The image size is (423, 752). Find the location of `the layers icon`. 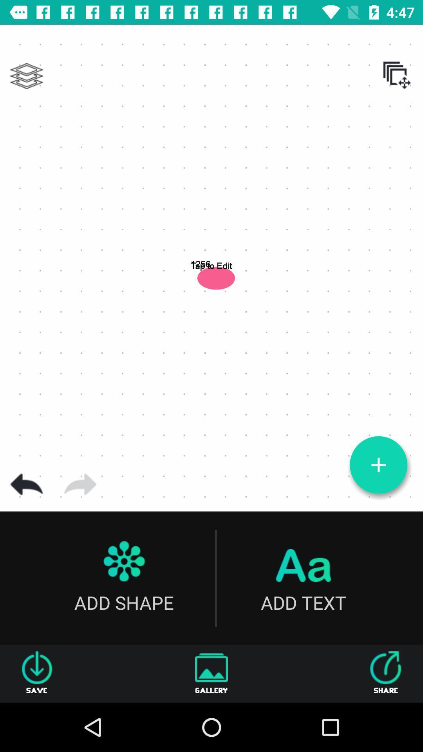

the layers icon is located at coordinates (26, 76).